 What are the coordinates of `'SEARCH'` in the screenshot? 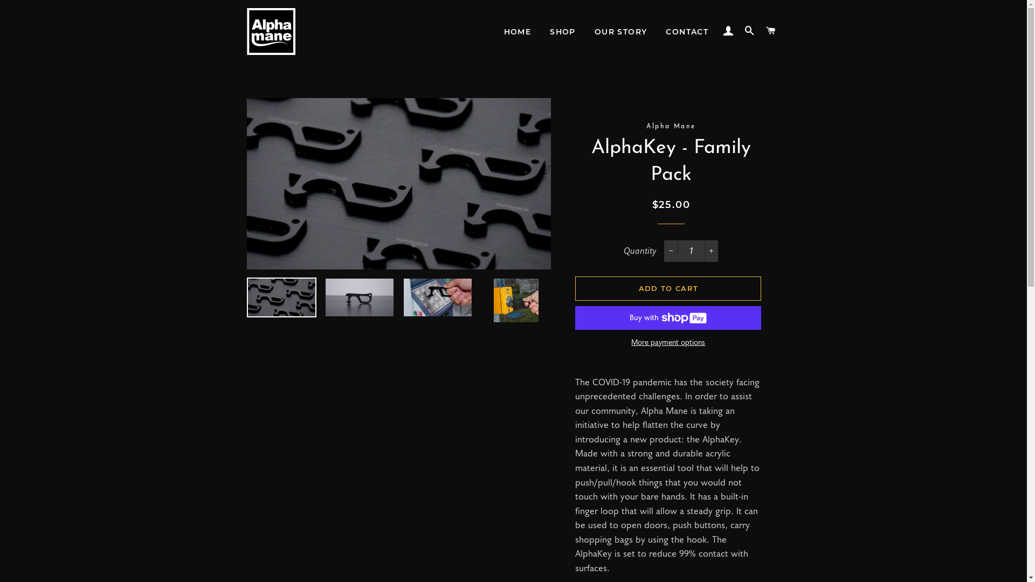 It's located at (749, 30).